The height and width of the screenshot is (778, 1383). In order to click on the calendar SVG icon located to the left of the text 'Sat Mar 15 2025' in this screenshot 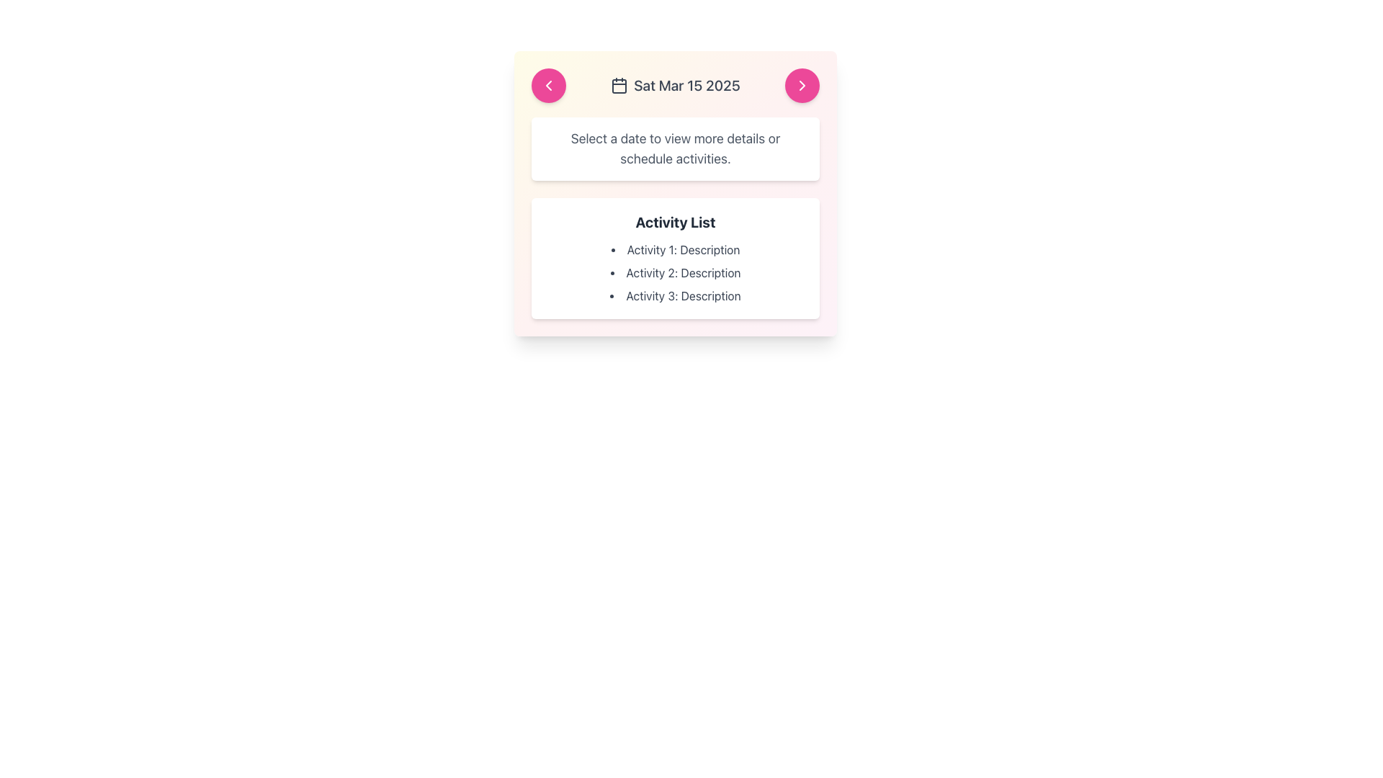, I will do `click(619, 86)`.